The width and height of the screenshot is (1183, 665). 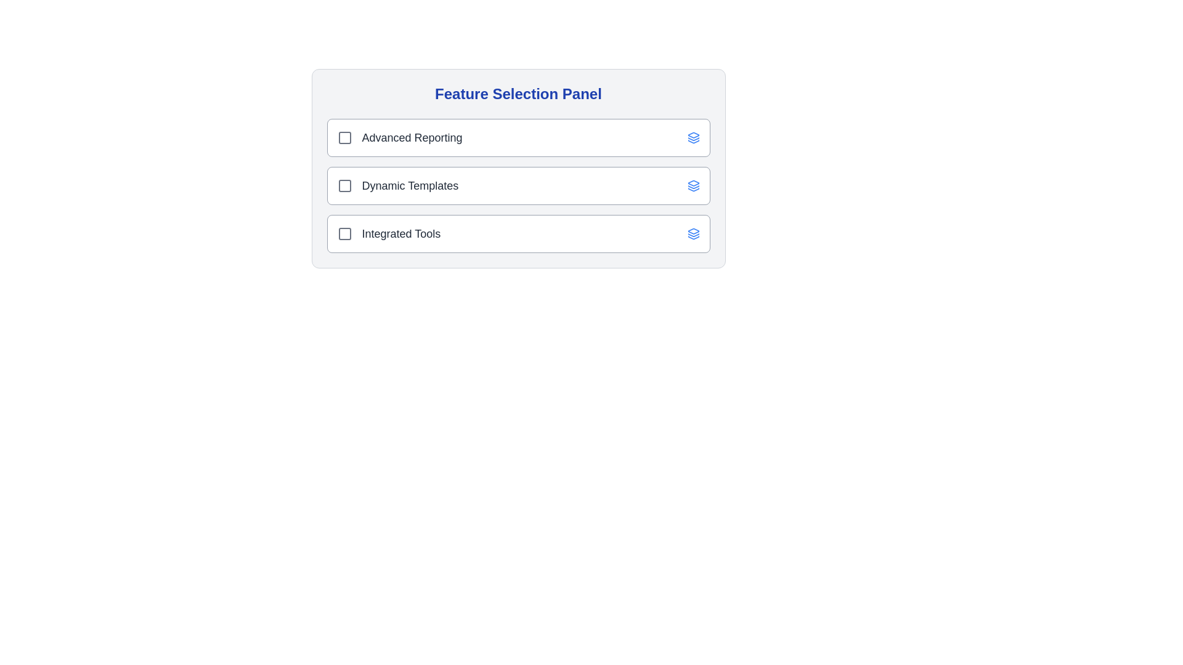 I want to click on the blue icon resembling stacked layers, which is the last component in the row labeled 'Dynamic Templates', so click(x=693, y=185).